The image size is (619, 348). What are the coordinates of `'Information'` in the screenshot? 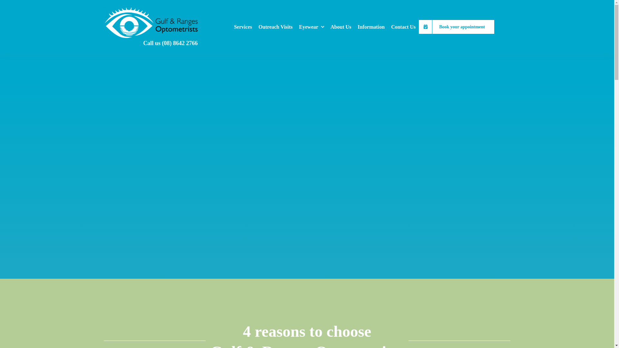 It's located at (371, 26).